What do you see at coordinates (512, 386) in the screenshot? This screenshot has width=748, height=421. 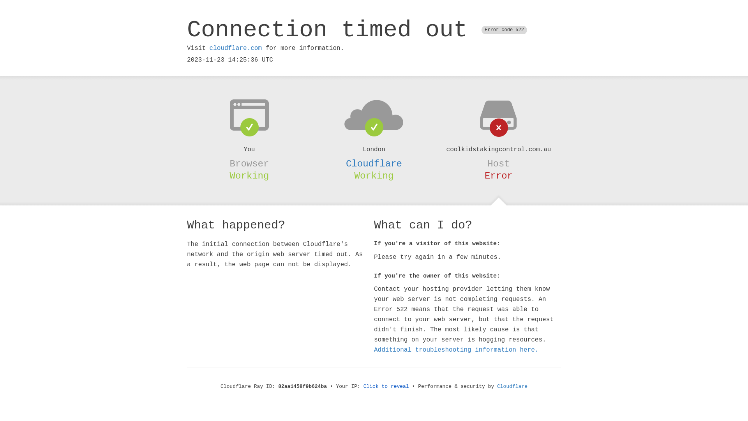 I see `'Cloudflare'` at bounding box center [512, 386].